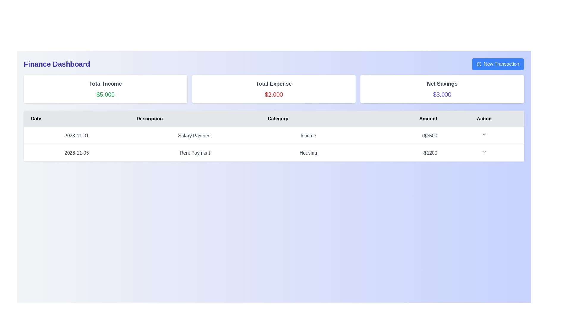 Image resolution: width=571 pixels, height=321 pixels. Describe the element at coordinates (106, 94) in the screenshot. I see `the static text displaying the value '$5,000' which is styled in green and positioned beneath the label 'Total Income'` at that location.